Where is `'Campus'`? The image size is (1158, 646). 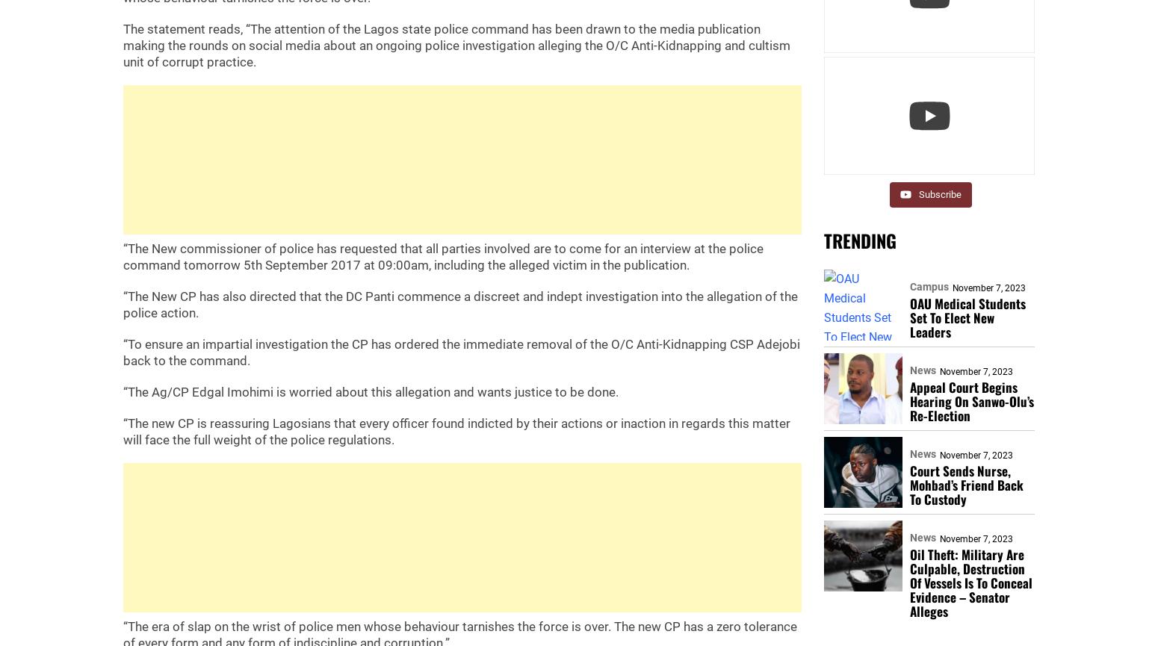
'Campus' is located at coordinates (927, 286).